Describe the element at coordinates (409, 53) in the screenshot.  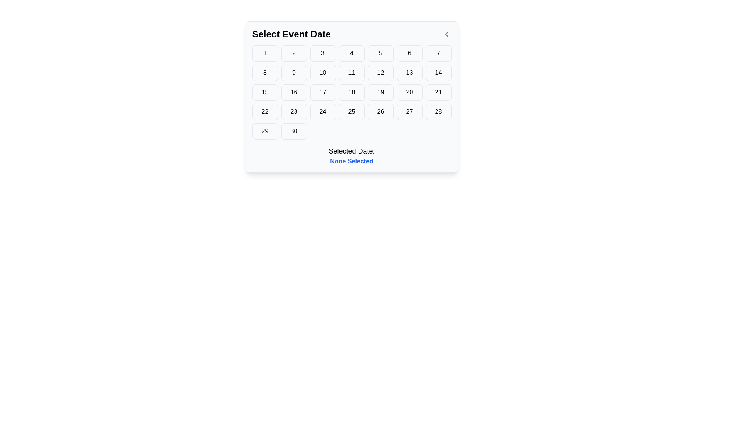
I see `the button that allows the user` at that location.